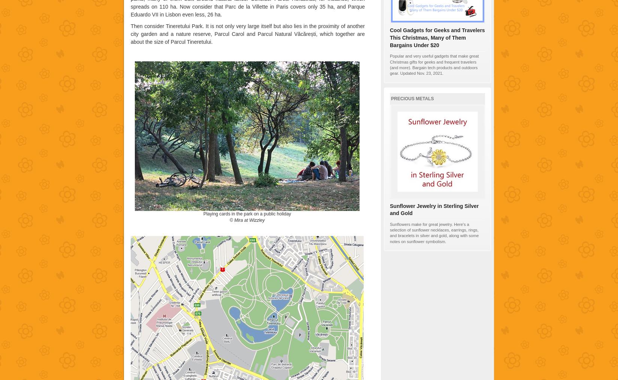 This screenshot has height=380, width=618. Describe the element at coordinates (432, 111) in the screenshot. I see `'16'` at that location.